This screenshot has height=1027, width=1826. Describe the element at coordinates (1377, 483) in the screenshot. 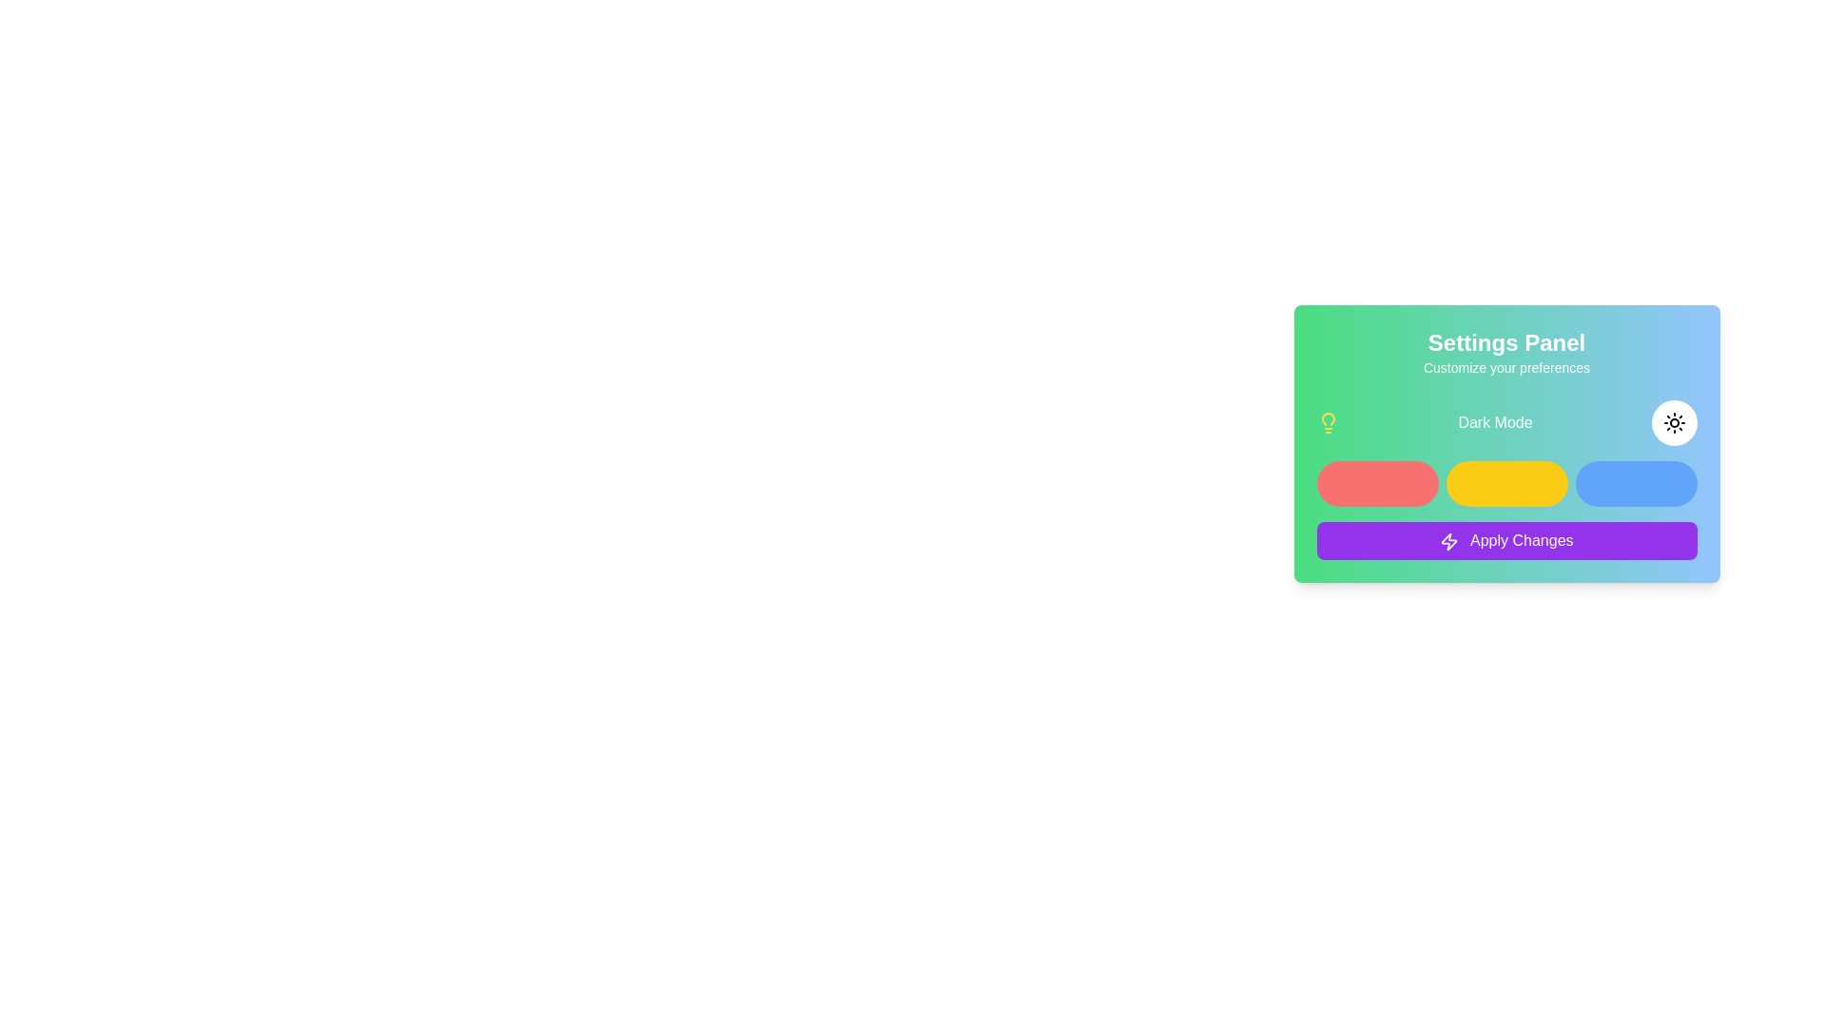

I see `the button located in the first column of a 3-column grid layout, positioned above the yellow and blue buttons` at that location.